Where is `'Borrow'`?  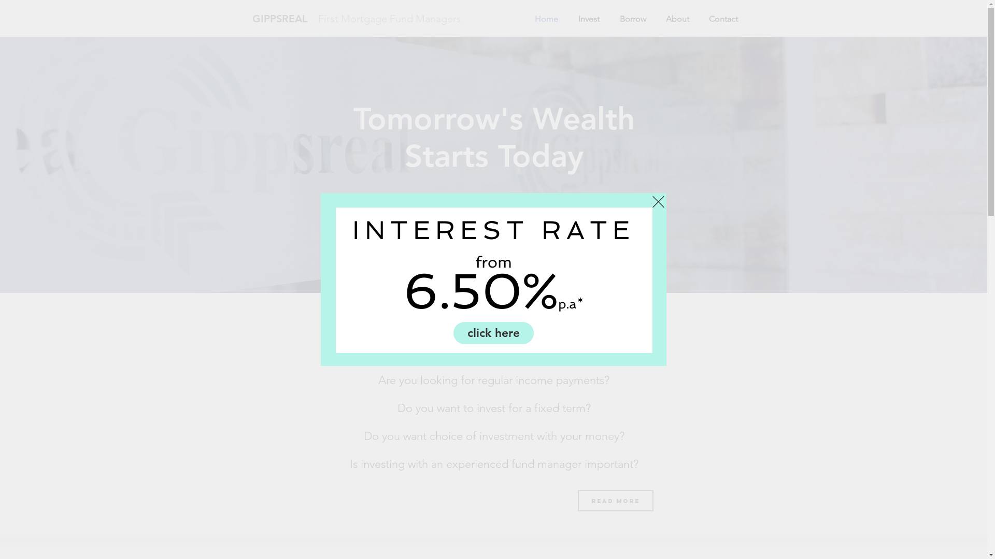
'Borrow' is located at coordinates (632, 19).